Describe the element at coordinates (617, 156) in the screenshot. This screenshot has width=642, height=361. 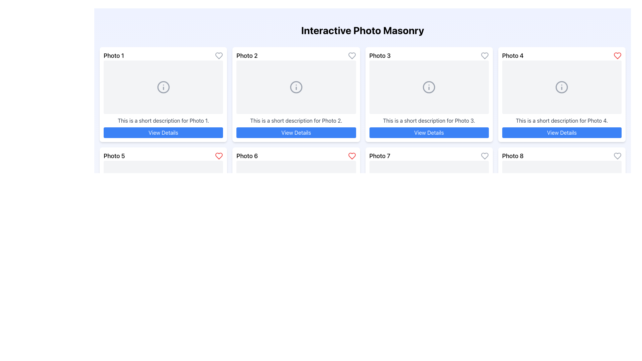
I see `the heart-shaped outline icon located at the top-right corner of the 'Photo 8' card` at that location.